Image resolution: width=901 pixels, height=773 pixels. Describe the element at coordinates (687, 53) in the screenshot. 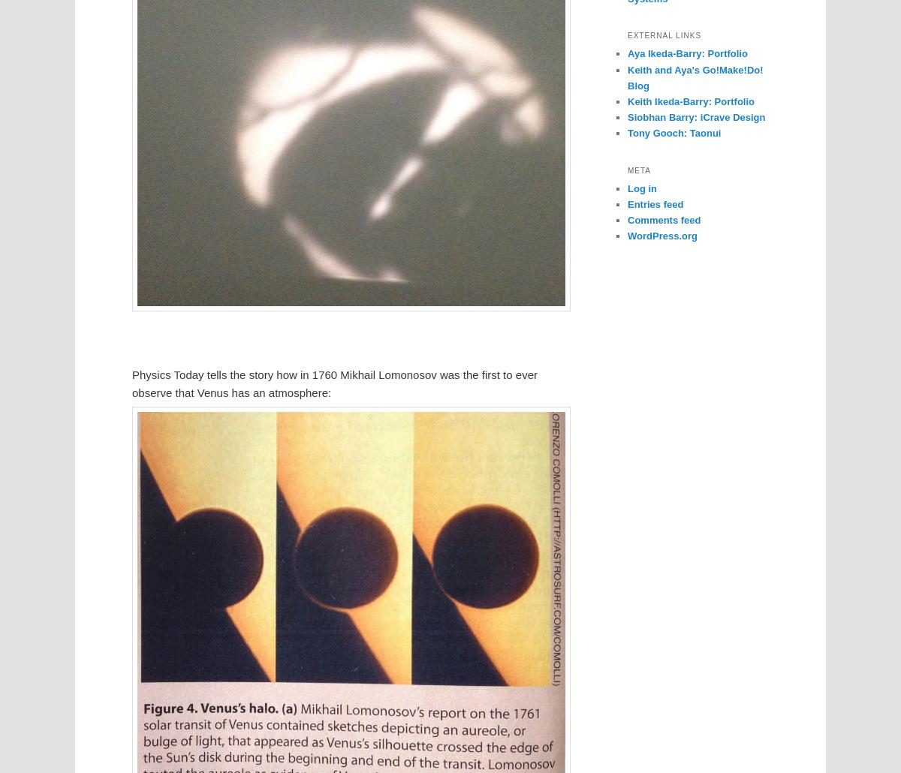

I see `'Aya Ikeda-Barry: Portfolio'` at that location.